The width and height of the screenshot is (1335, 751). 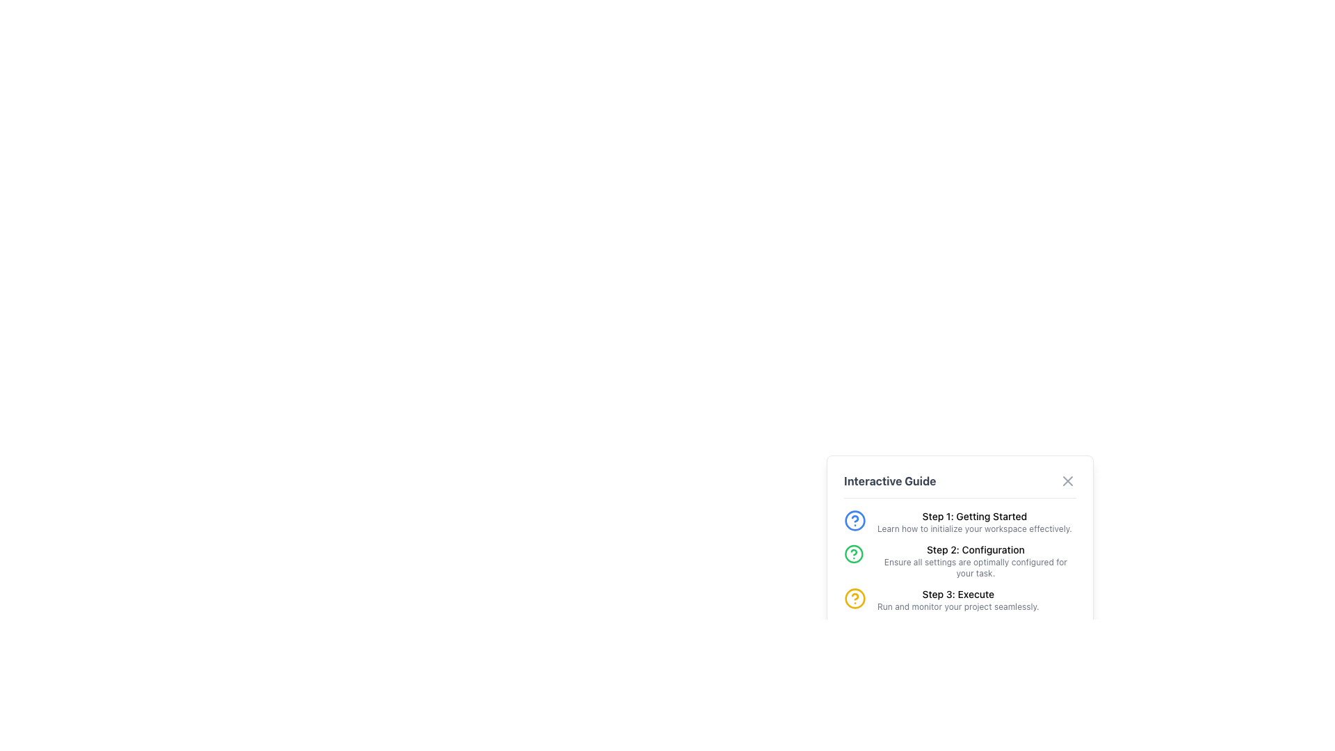 I want to click on the circular icon representing the help or configuration cue for 'Step 2: Configuration' in the Interactive Guide, so click(x=853, y=554).